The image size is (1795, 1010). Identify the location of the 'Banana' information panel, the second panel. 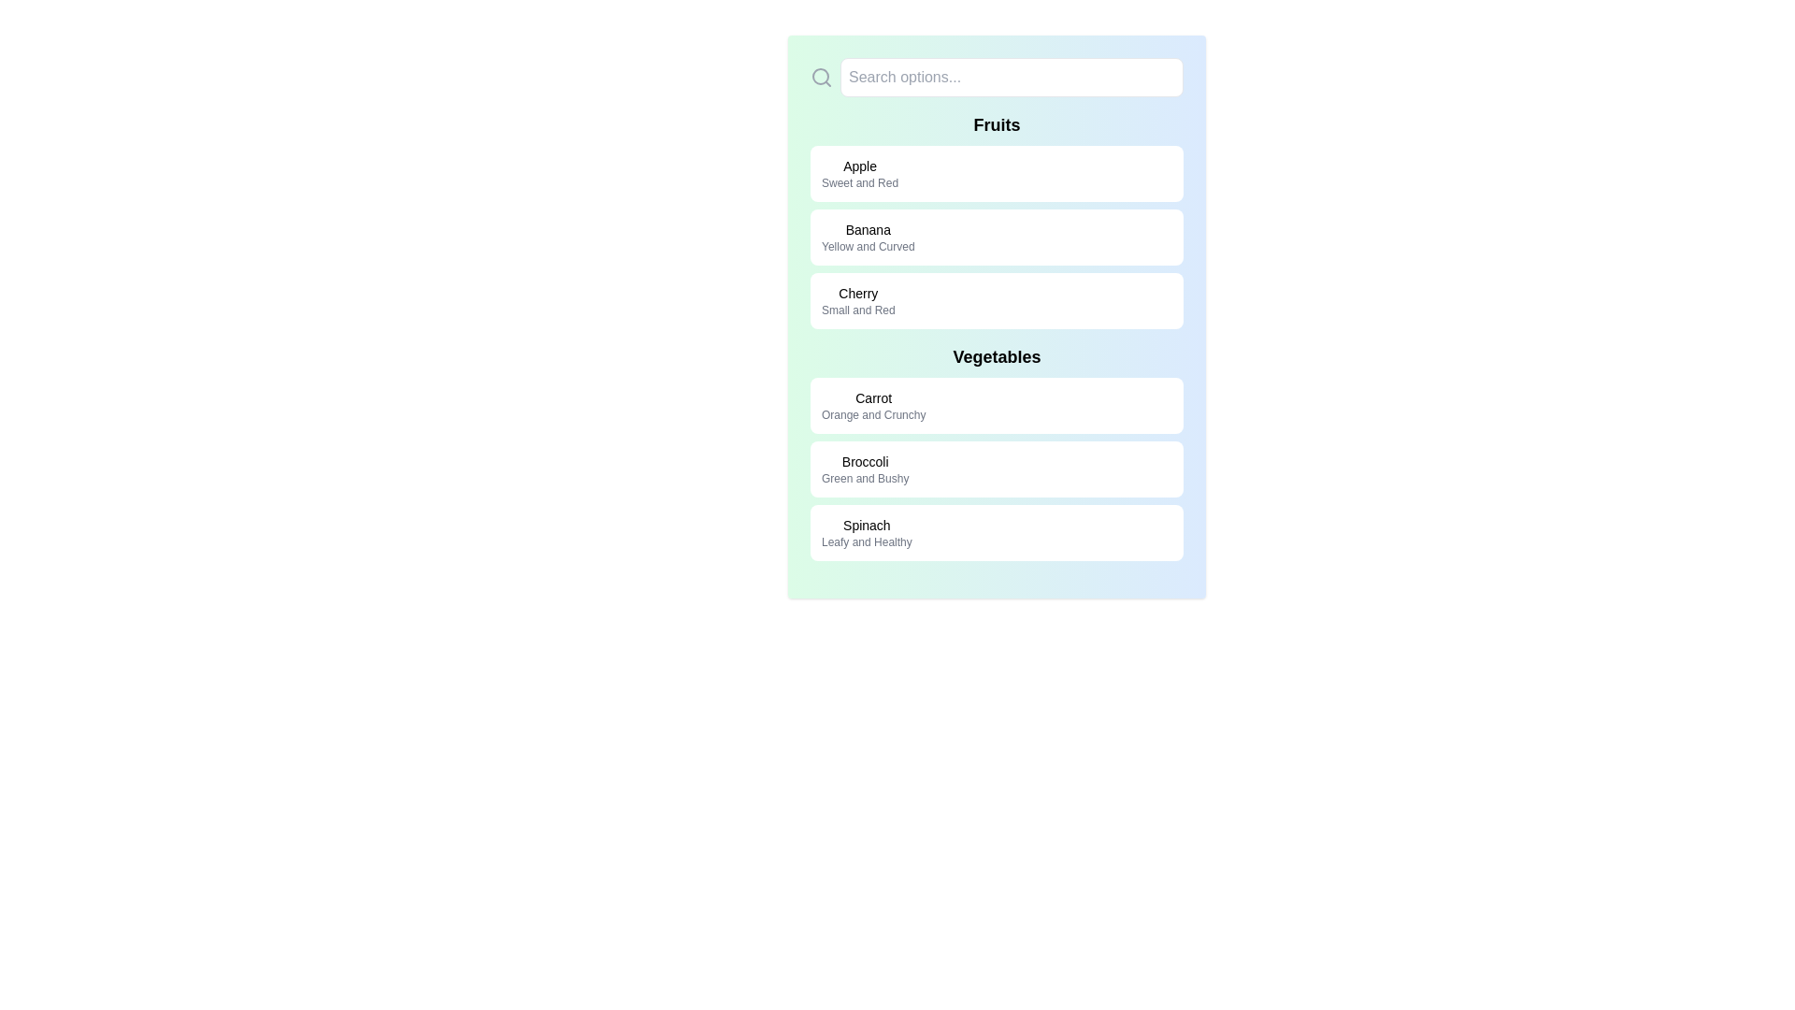
(996, 237).